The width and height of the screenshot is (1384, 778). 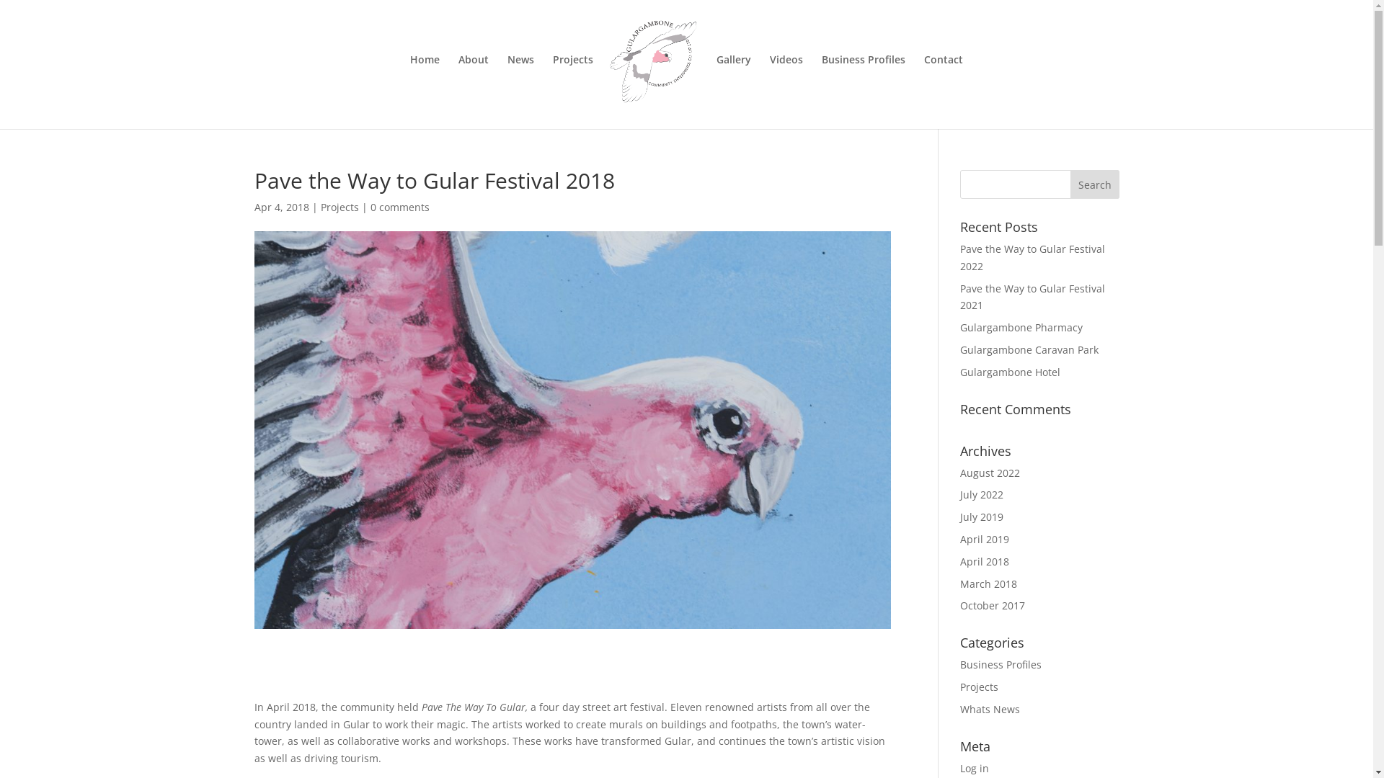 What do you see at coordinates (1028, 349) in the screenshot?
I see `'Gulargambone Caravan Park'` at bounding box center [1028, 349].